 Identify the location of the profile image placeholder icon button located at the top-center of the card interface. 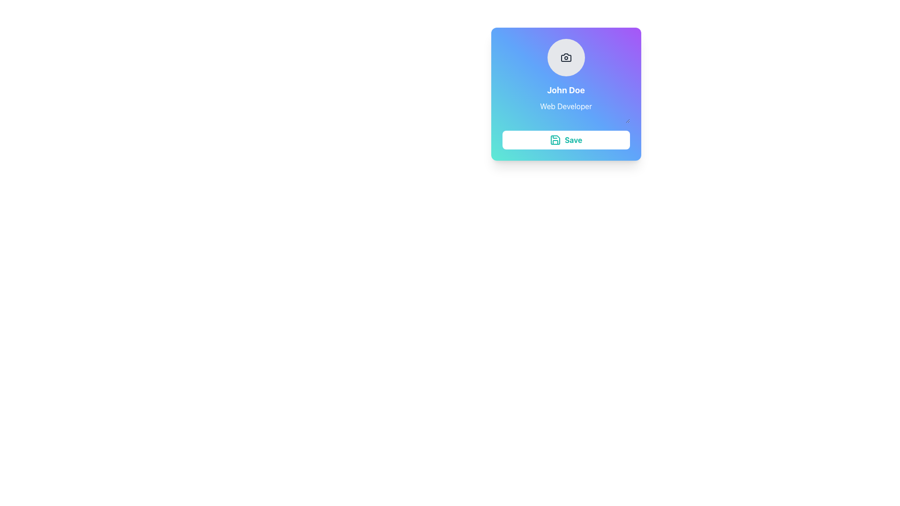
(565, 58).